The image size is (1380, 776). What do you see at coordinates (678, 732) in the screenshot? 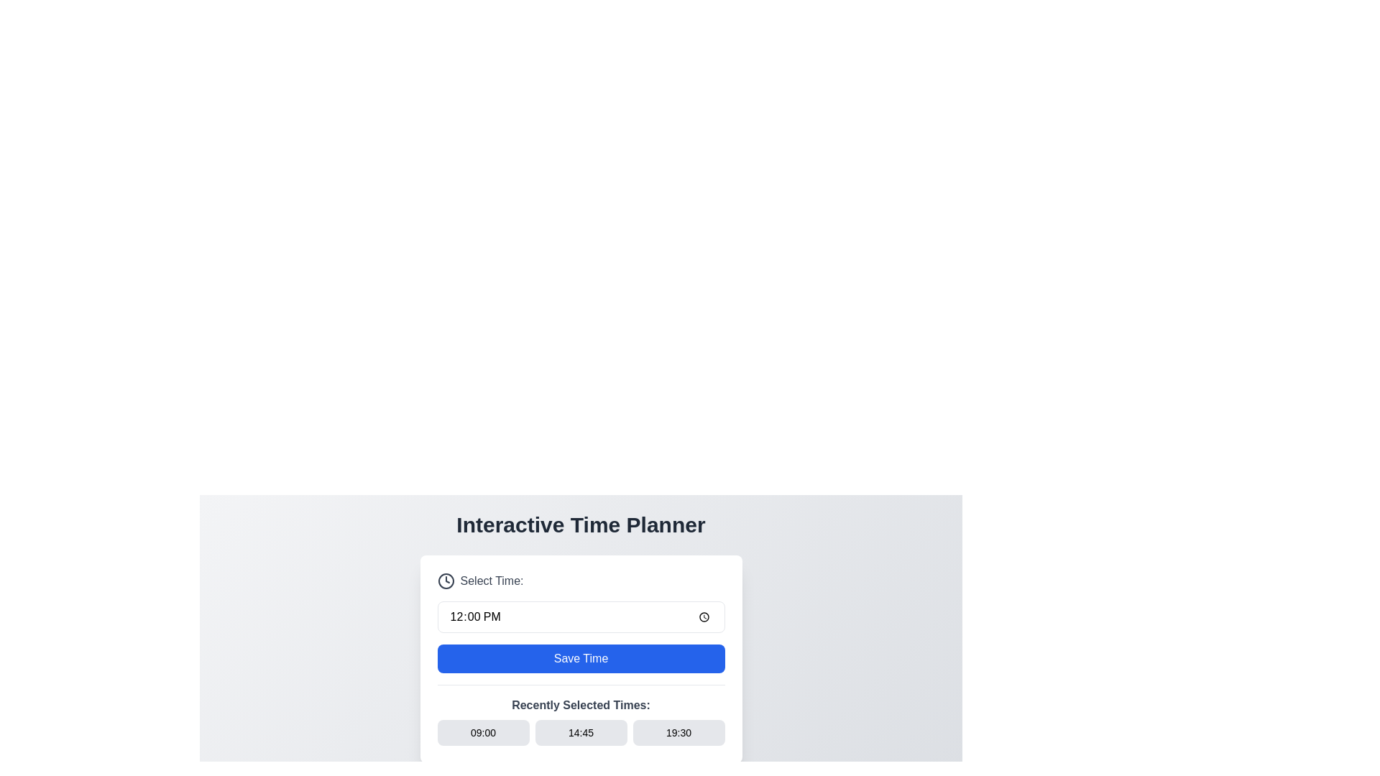
I see `the third button in the horizontally-aligned grid below the header 'Recently Selected Times:'` at bounding box center [678, 732].